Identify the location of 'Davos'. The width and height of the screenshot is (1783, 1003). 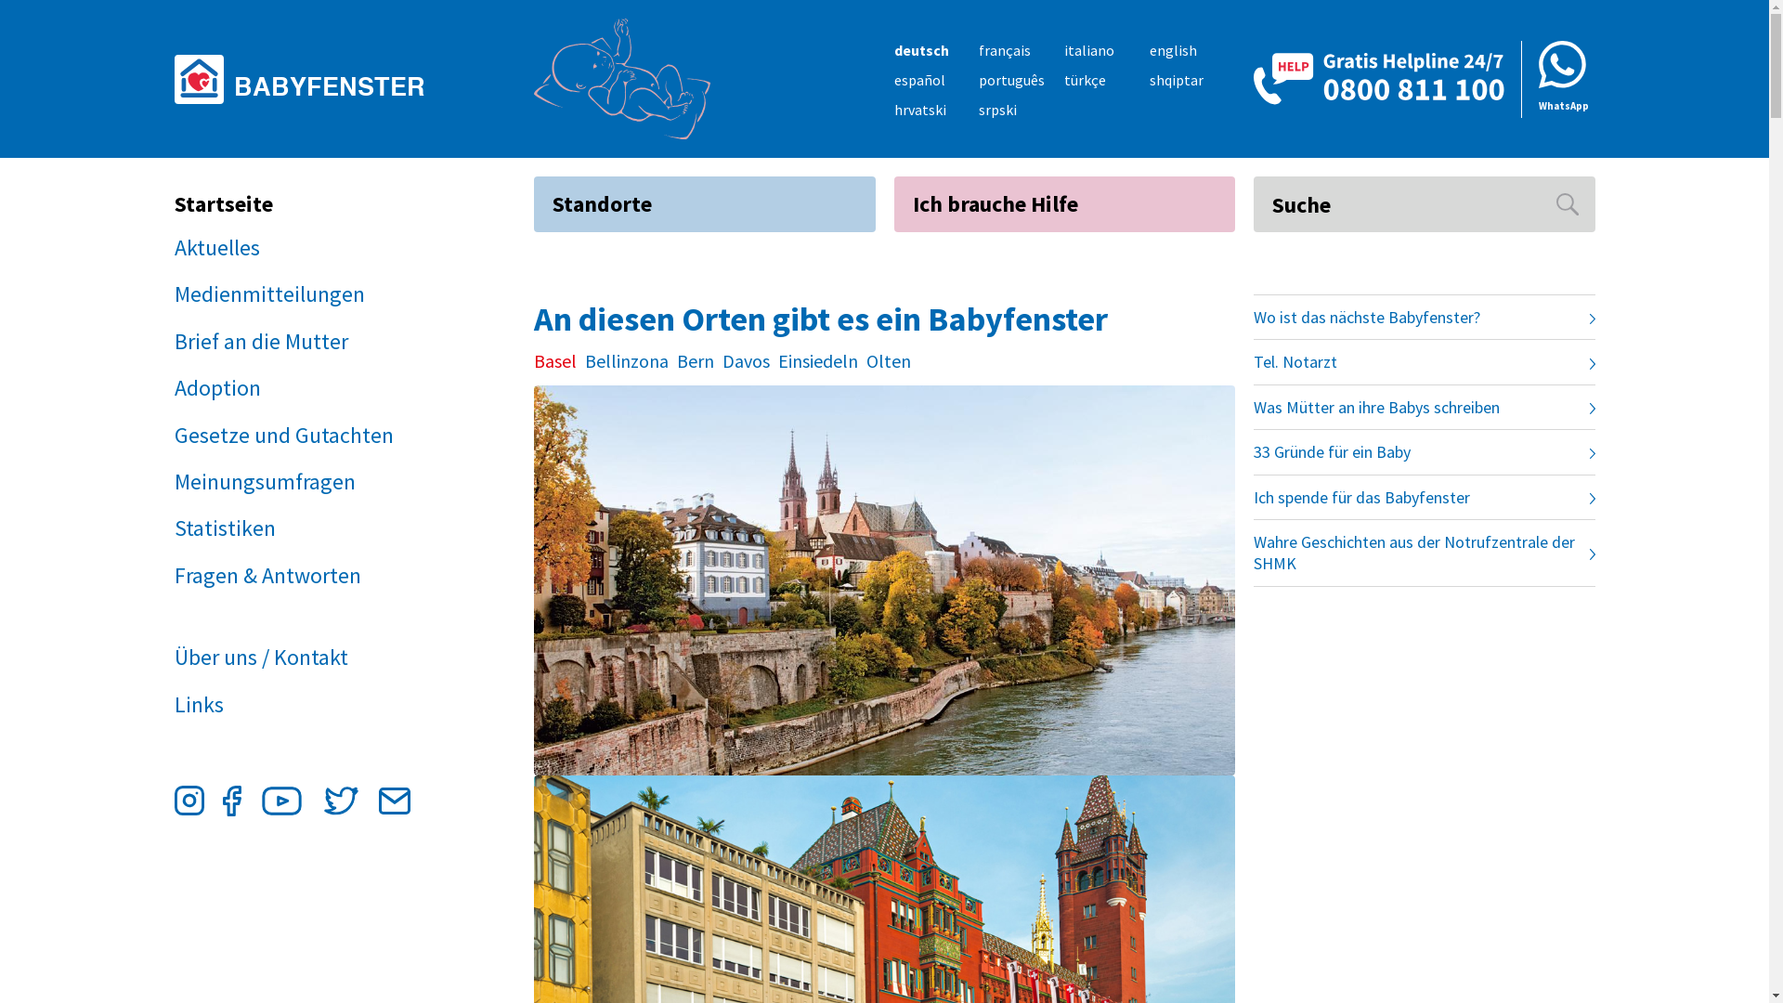
(746, 361).